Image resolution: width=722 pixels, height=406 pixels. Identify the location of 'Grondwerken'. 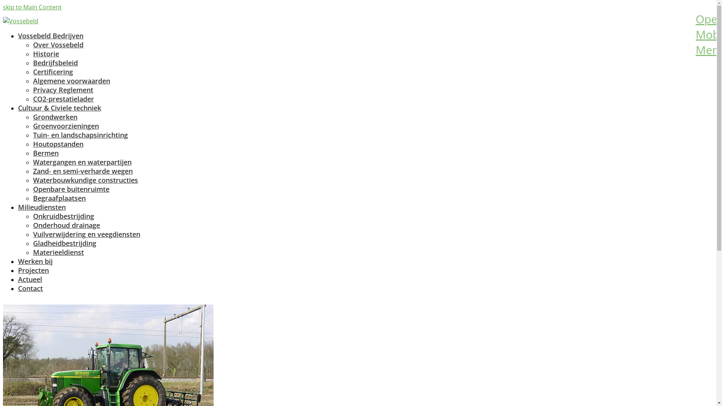
(55, 117).